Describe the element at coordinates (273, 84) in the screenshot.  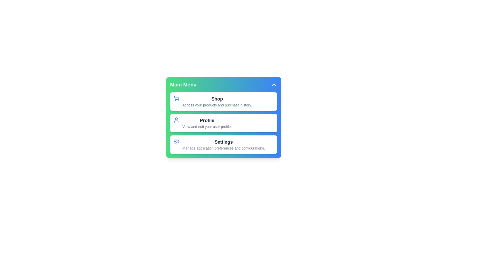
I see `the chevron icon button to toggle the menu expansion` at that location.